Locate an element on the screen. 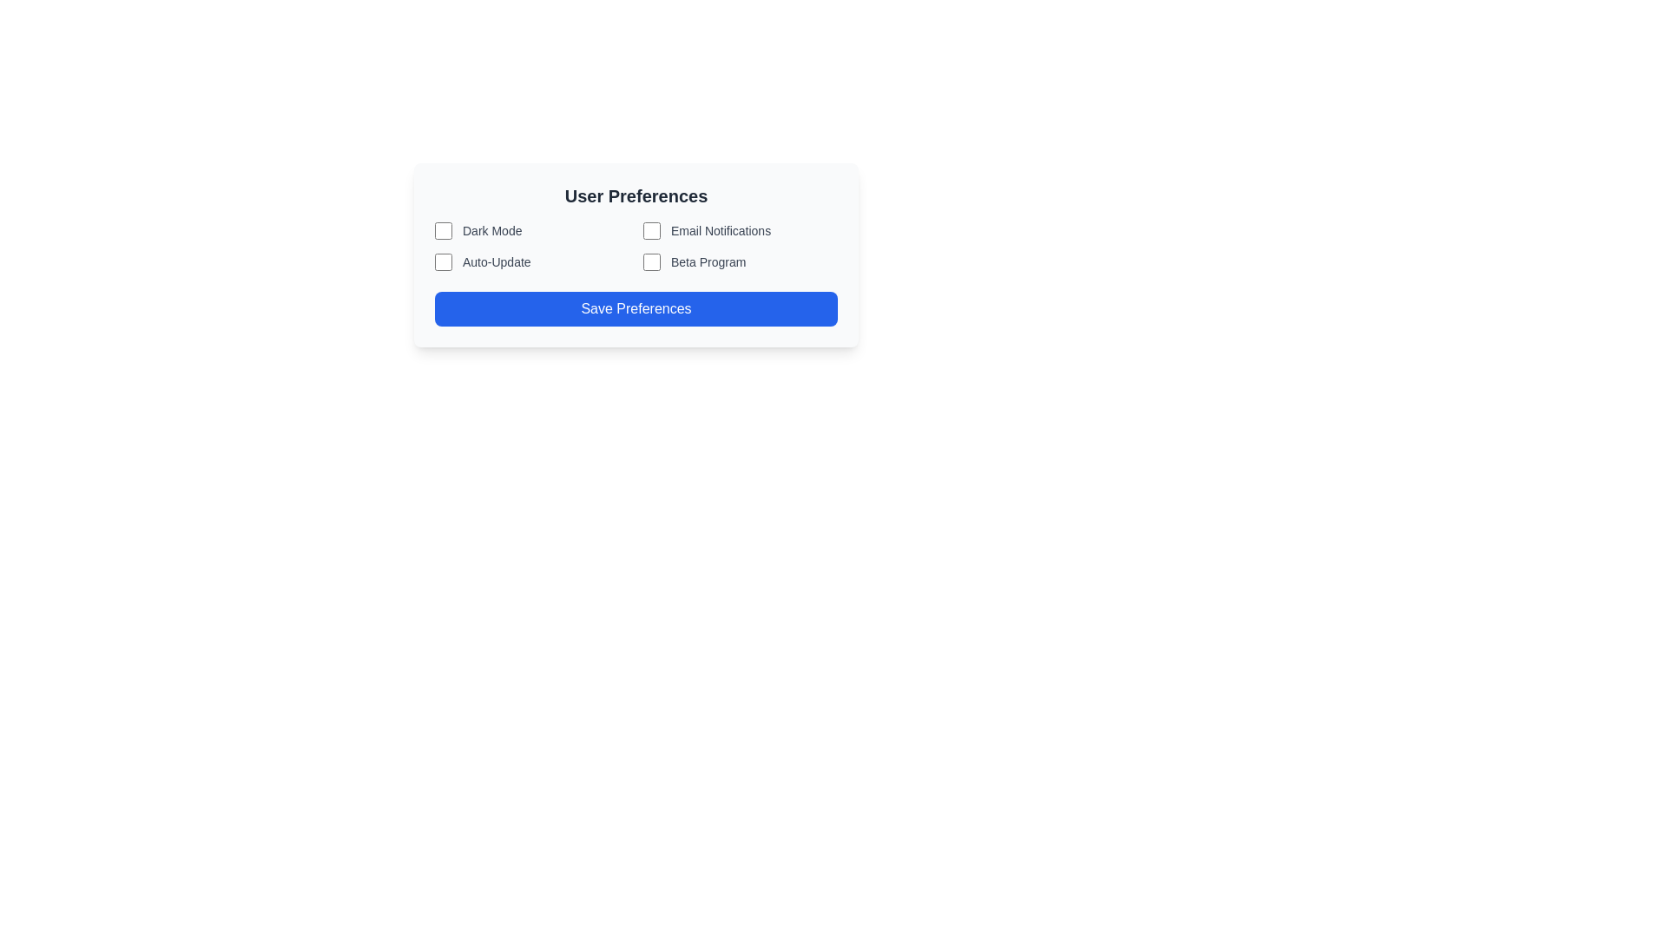  'Save Preferences' button is located at coordinates (636, 307).